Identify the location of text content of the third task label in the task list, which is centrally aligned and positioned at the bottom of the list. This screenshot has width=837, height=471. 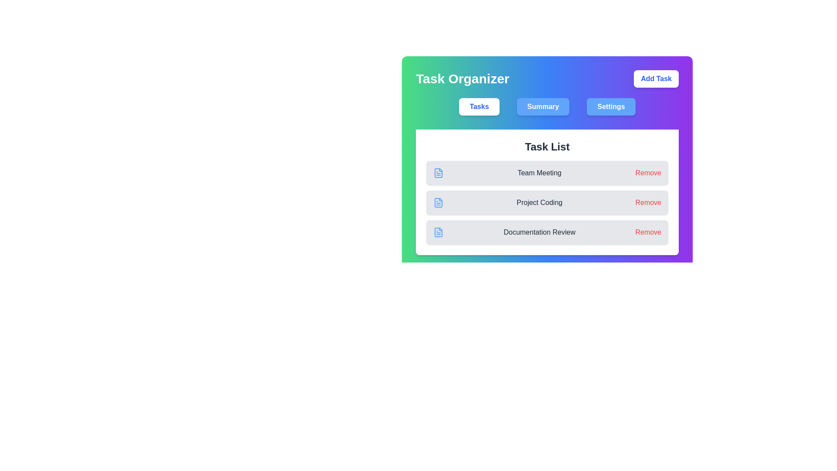
(539, 232).